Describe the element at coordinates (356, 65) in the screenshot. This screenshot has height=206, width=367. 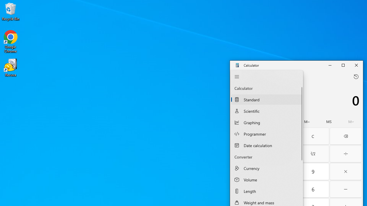
I see `'Close Calculator'` at that location.